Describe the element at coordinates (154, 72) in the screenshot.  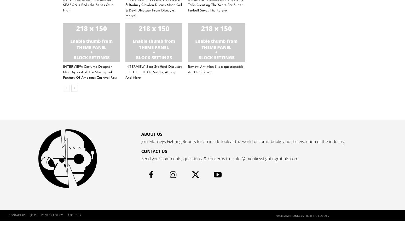
I see `'INTERVIEW: Scot Stafford Discusses LOST OLLIE On Netflix, Atmos, And More'` at that location.